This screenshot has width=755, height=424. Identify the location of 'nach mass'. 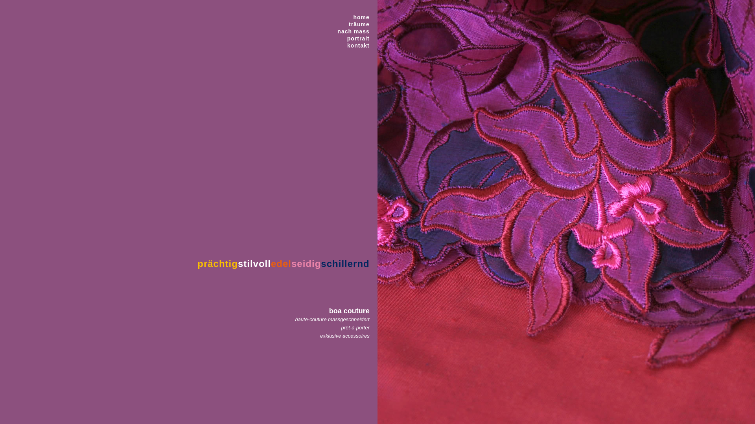
(353, 31).